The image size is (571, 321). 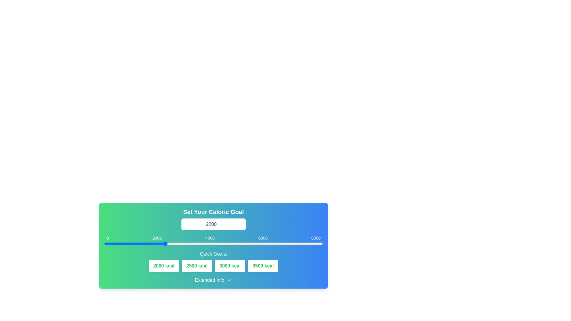 I want to click on the Static Text Label displaying 'Extended Info', which is styled with white text color and located within the 'Quick Goals:' section, positioned bottom-center of the interface, left of the chevron-down icon, so click(x=210, y=280).